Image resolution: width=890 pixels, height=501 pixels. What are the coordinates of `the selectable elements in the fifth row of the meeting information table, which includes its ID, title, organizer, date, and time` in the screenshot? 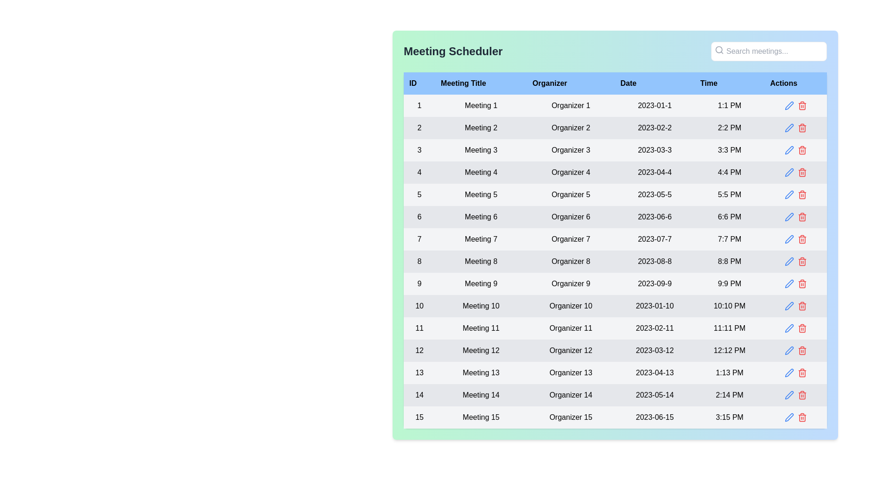 It's located at (615, 194).